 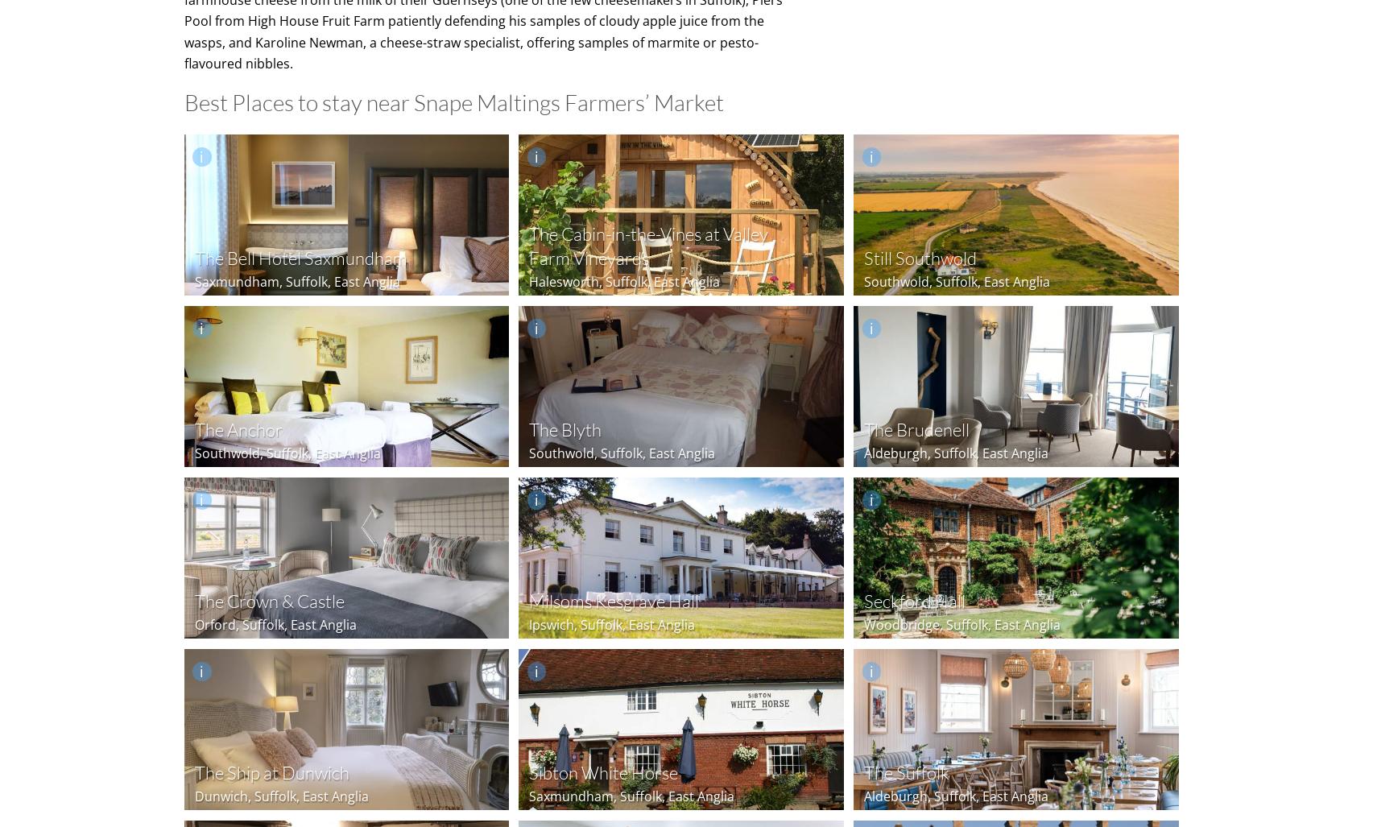 I want to click on 'Halesworth', so click(x=564, y=280).